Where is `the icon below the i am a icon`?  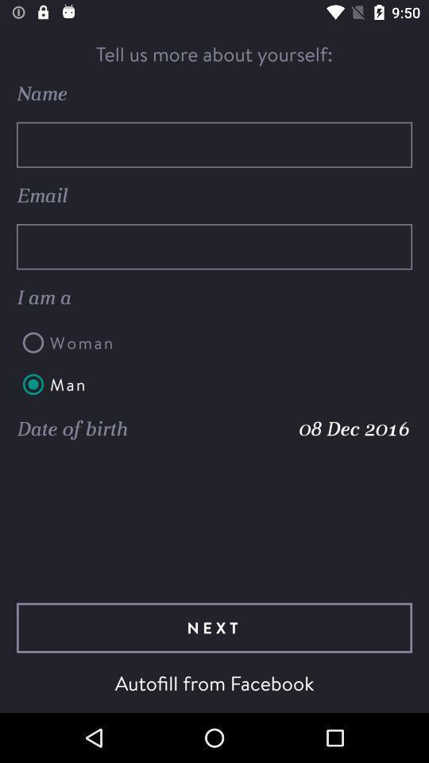
the icon below the i am a icon is located at coordinates (214, 343).